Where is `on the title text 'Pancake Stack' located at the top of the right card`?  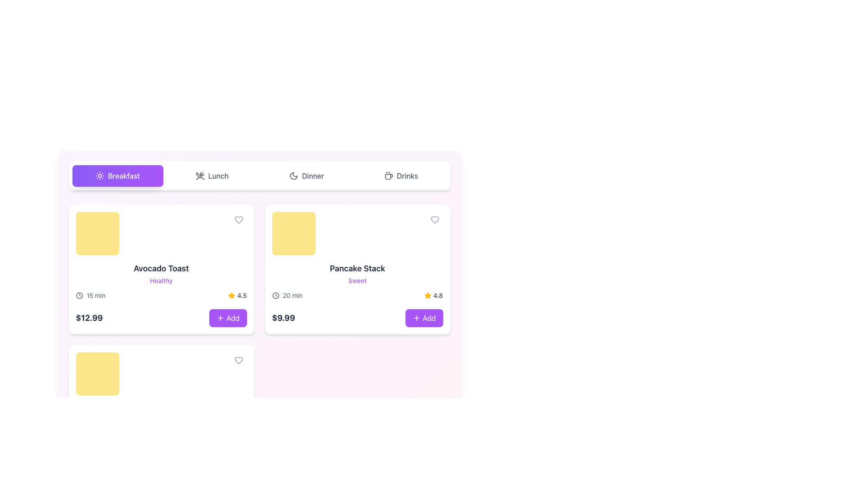 on the title text 'Pancake Stack' located at the top of the right card is located at coordinates (357, 268).